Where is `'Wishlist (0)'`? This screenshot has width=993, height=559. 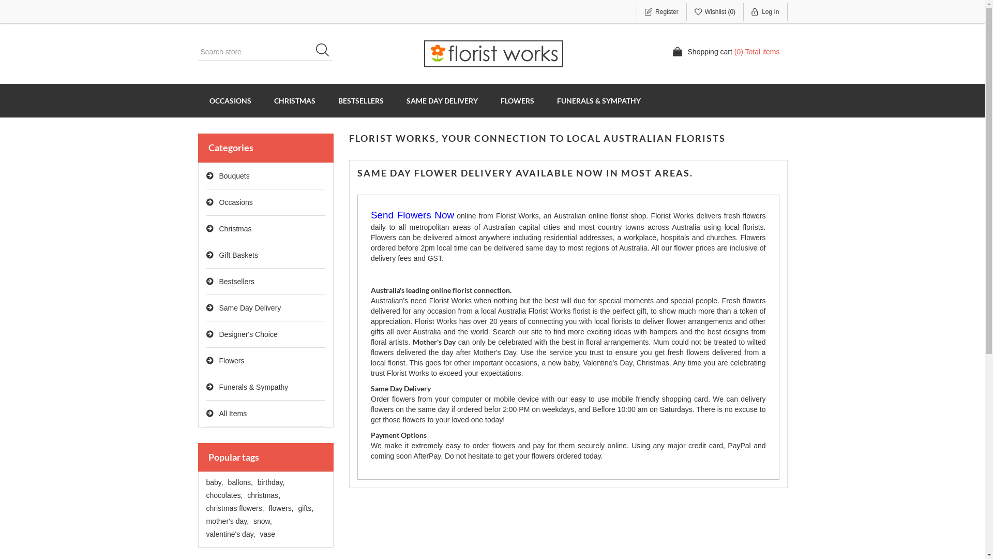 'Wishlist (0)' is located at coordinates (714, 12).